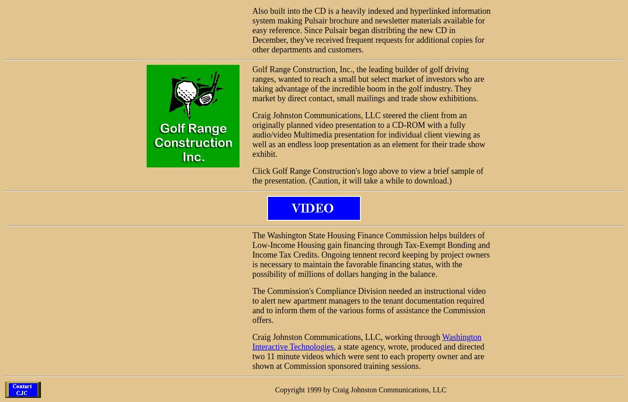 The image size is (628, 402). Describe the element at coordinates (347, 337) in the screenshot. I see `'Craig Johnston Communications, LLC, working through'` at that location.